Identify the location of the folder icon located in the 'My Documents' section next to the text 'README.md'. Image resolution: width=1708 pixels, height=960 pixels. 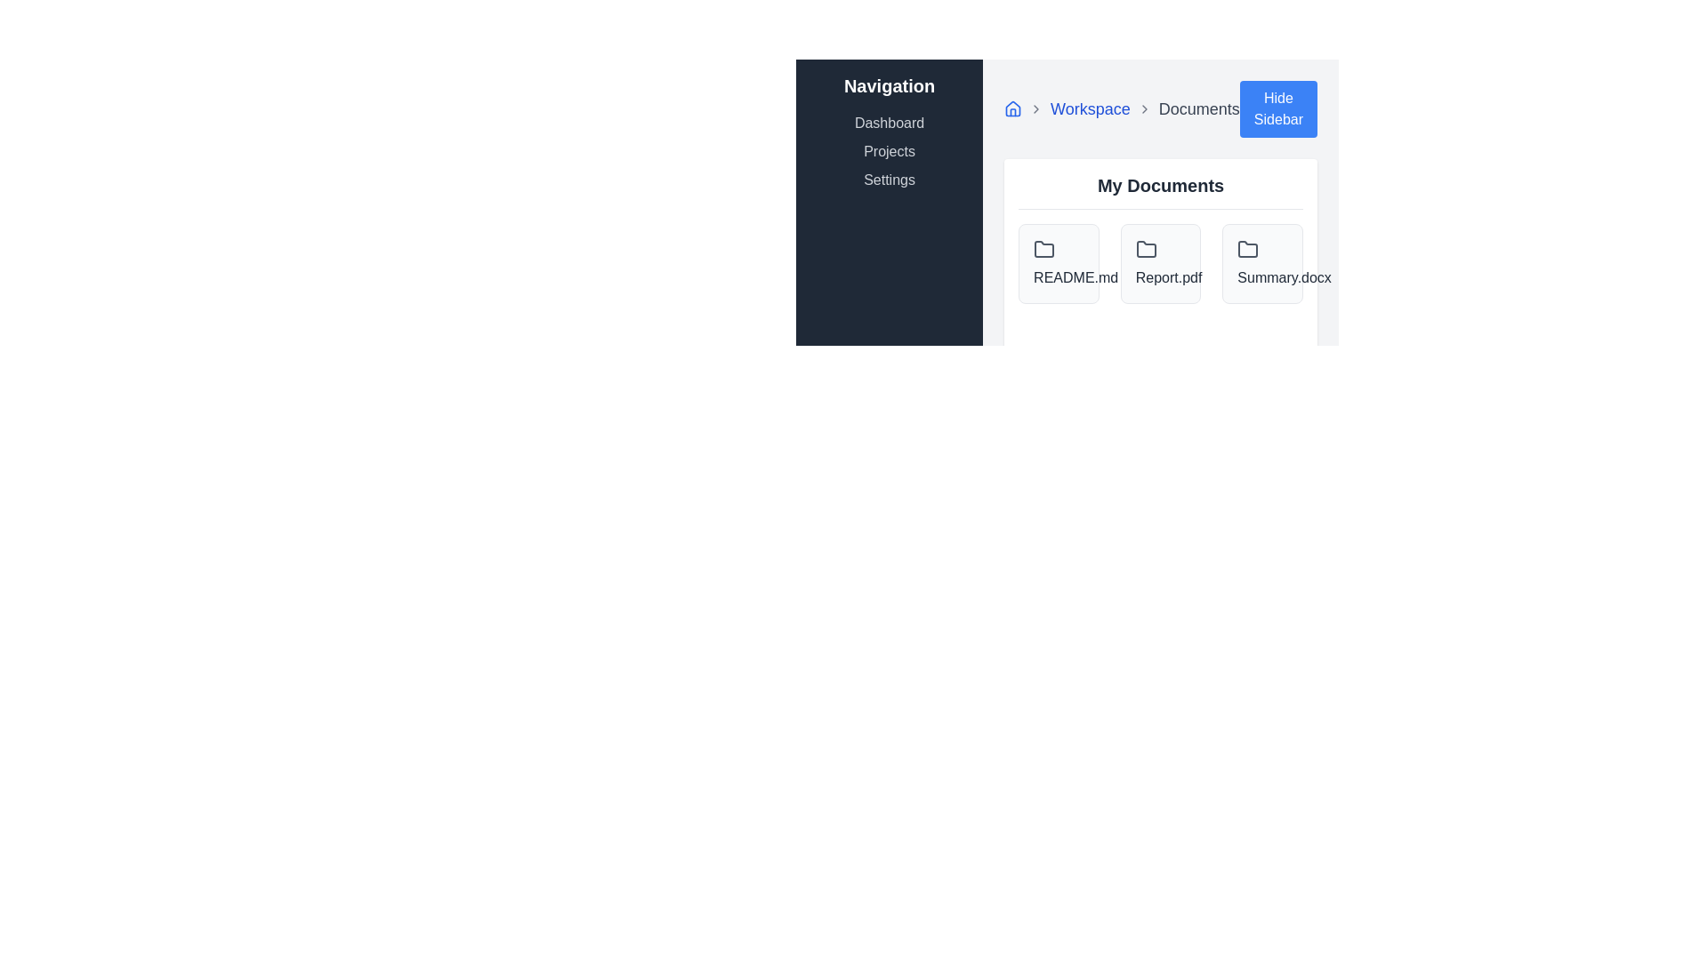
(1044, 249).